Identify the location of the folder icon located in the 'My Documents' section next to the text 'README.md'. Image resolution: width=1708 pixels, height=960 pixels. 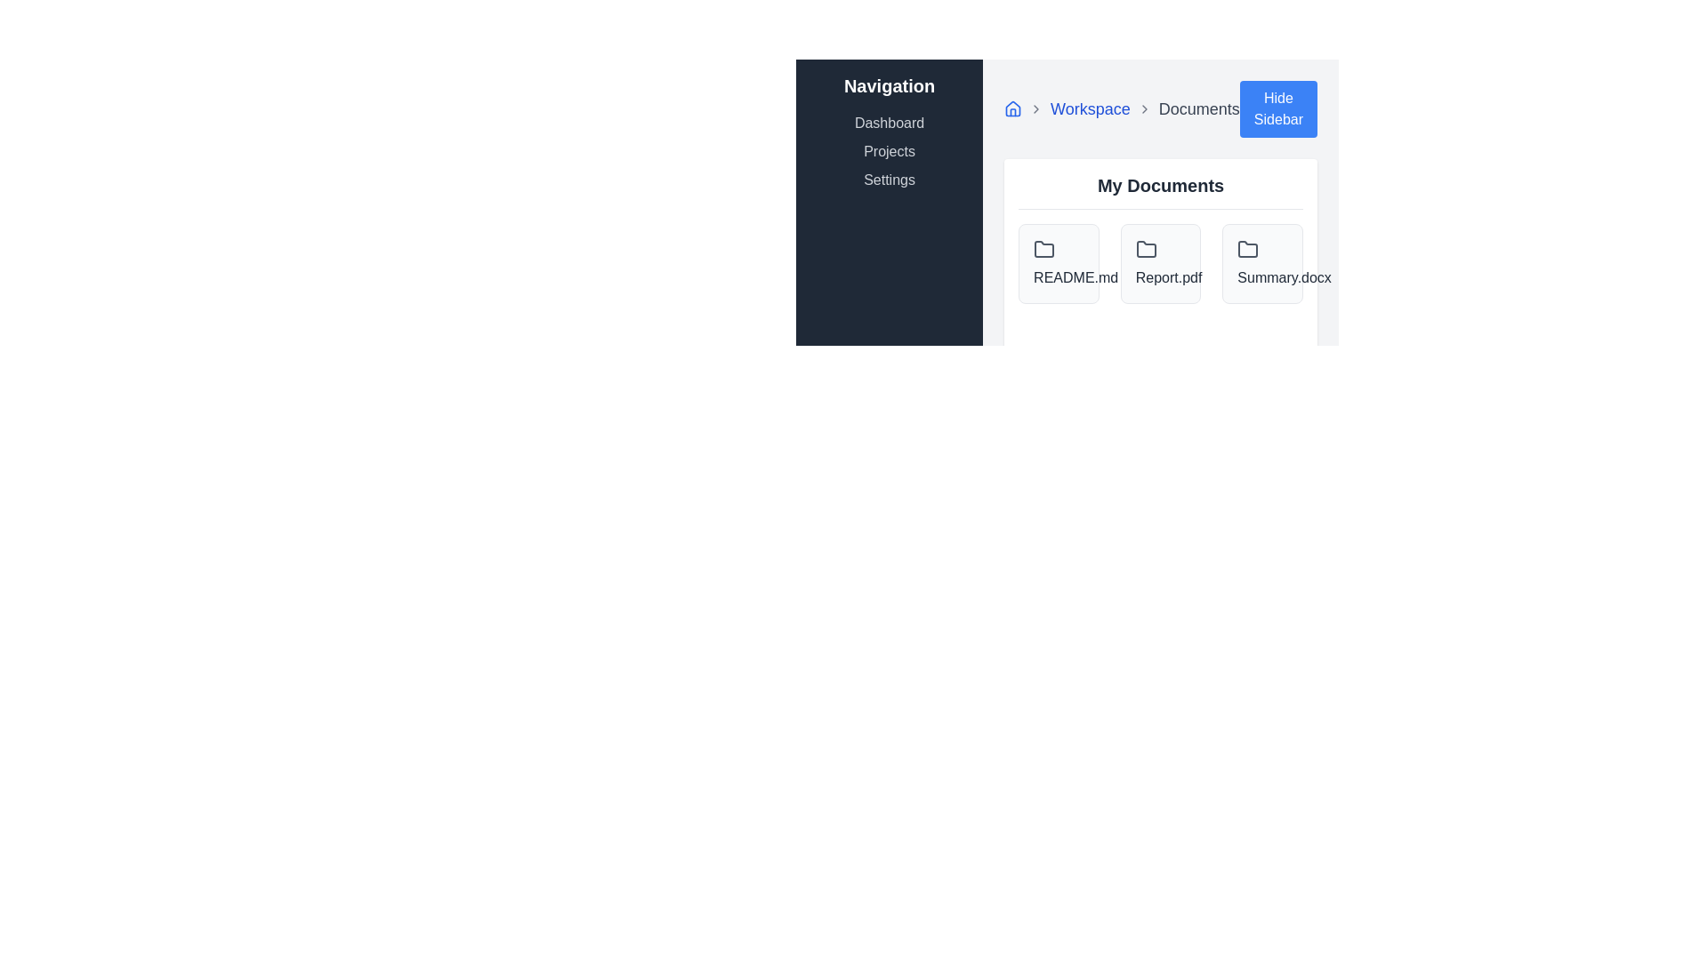
(1044, 249).